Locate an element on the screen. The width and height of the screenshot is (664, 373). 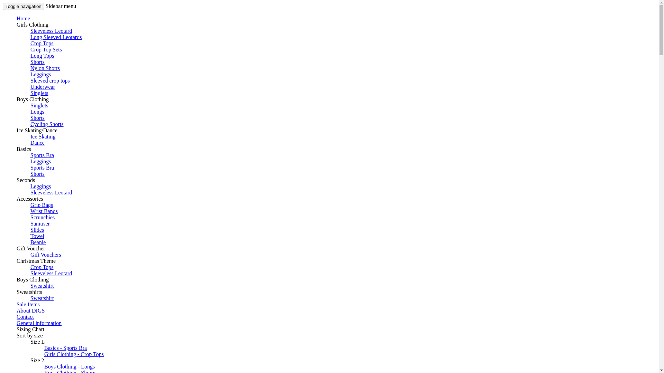
'Sweatshirt' is located at coordinates (41, 298).